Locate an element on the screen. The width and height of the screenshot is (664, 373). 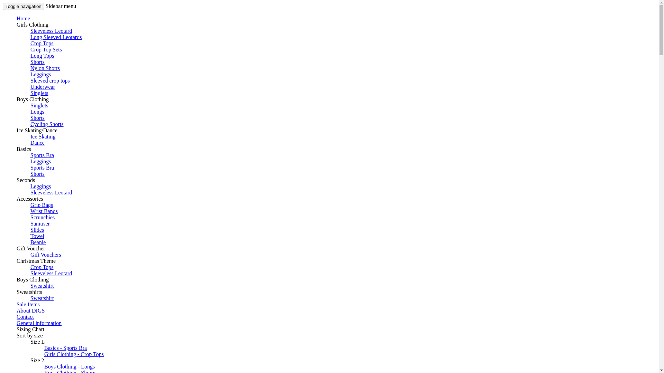
'Sweatshirt' is located at coordinates (41, 298).